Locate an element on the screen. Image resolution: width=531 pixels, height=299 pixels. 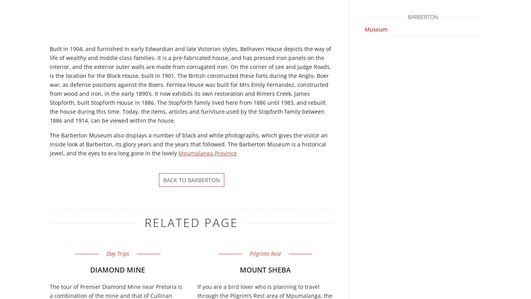
'Day Trips' is located at coordinates (117, 253).